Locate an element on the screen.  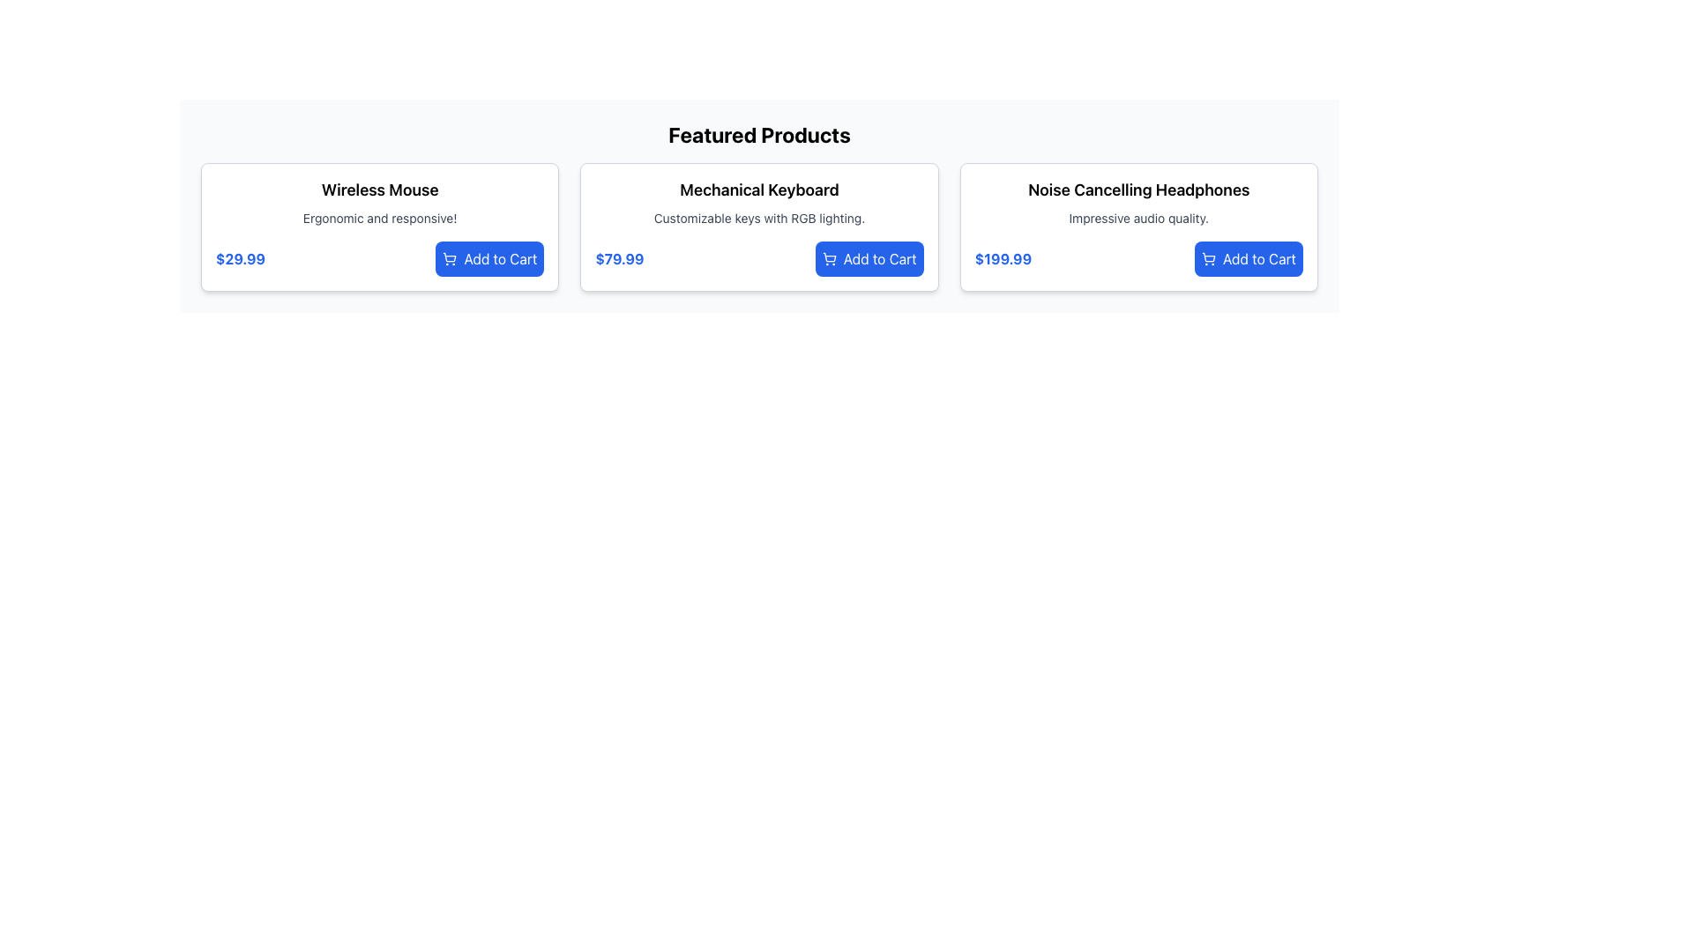
price displayed in the text label located at the bottom of the central product card, just above the 'Add to Cart' button is located at coordinates (619, 258).